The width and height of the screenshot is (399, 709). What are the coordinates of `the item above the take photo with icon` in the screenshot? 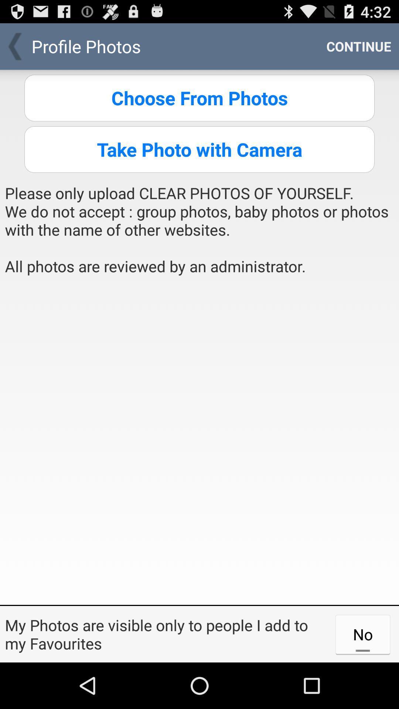 It's located at (199, 97).